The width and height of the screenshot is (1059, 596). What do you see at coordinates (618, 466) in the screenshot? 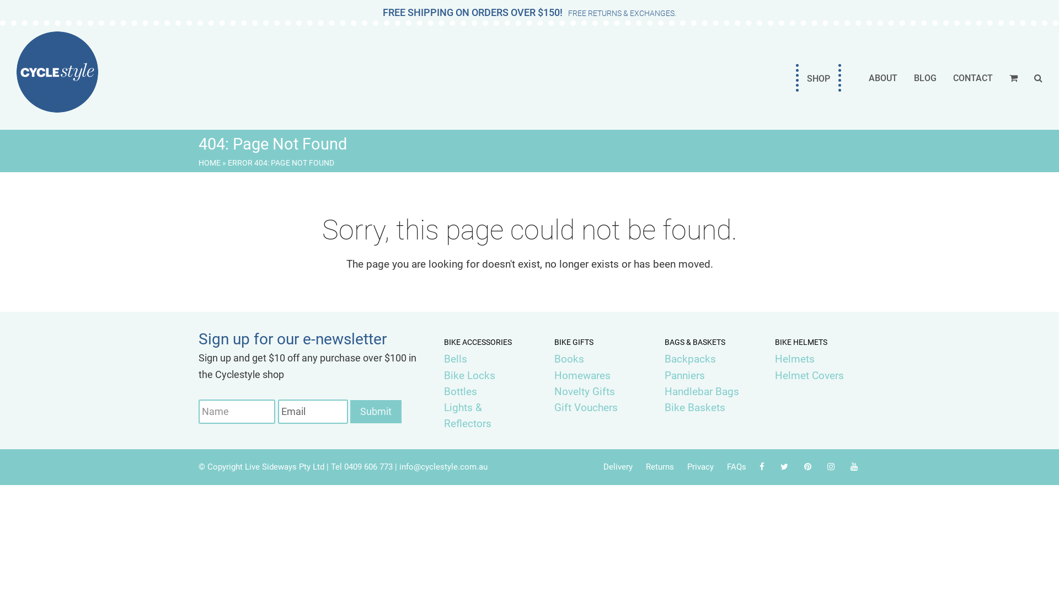
I see `'Delivery'` at bounding box center [618, 466].